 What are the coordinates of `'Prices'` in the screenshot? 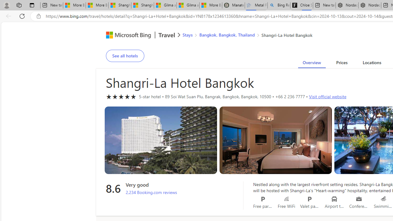 It's located at (341, 64).